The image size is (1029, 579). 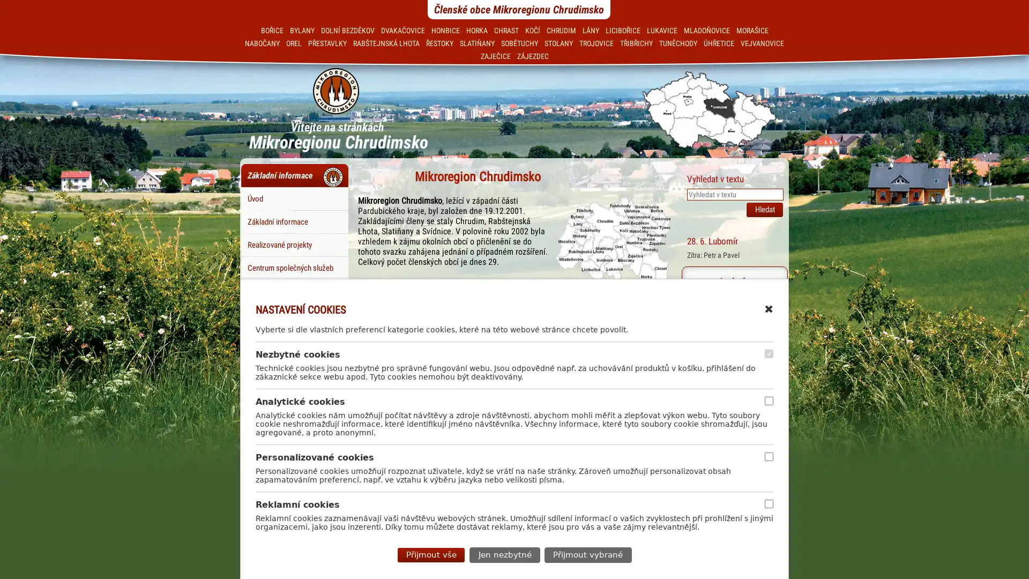 What do you see at coordinates (587, 554) in the screenshot?
I see `Prijmout vybrane` at bounding box center [587, 554].